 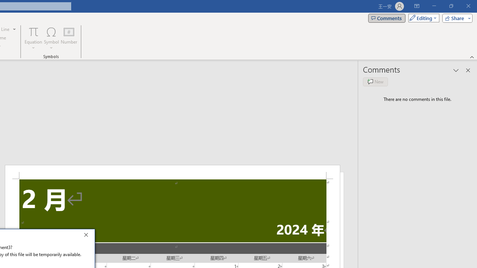 What do you see at coordinates (33, 45) in the screenshot?
I see `'More Options'` at bounding box center [33, 45].